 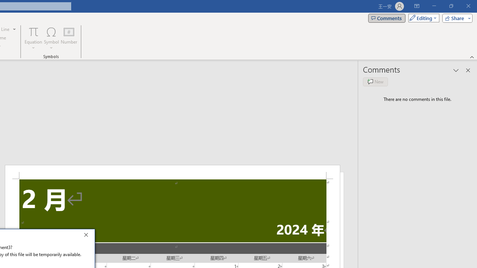 What do you see at coordinates (33, 45) in the screenshot?
I see `'More Options'` at bounding box center [33, 45].